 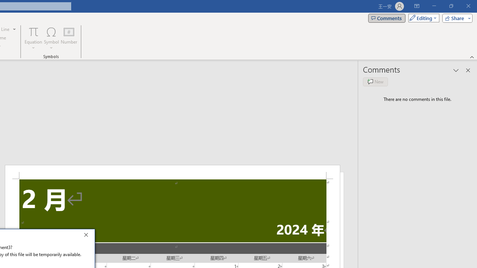 What do you see at coordinates (33, 45) in the screenshot?
I see `'More Options'` at bounding box center [33, 45].